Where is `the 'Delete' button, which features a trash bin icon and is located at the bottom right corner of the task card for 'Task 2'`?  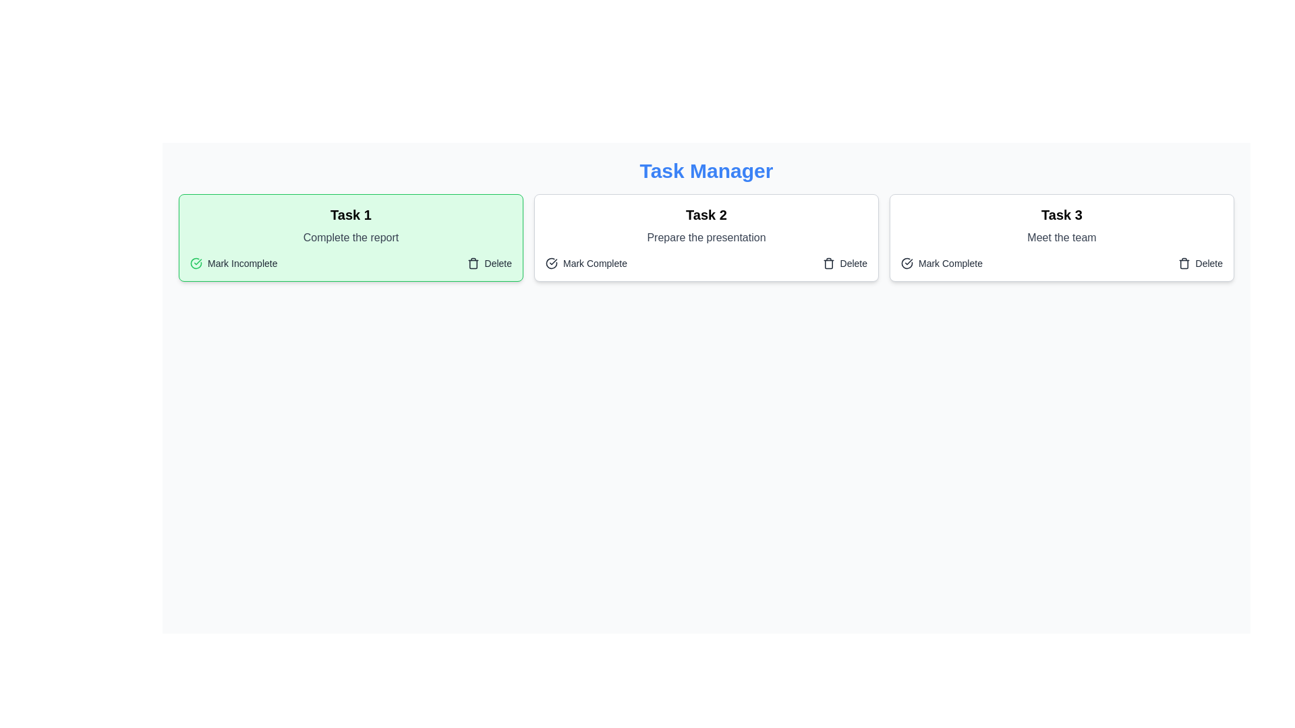 the 'Delete' button, which features a trash bin icon and is located at the bottom right corner of the task card for 'Task 2' is located at coordinates (844, 263).